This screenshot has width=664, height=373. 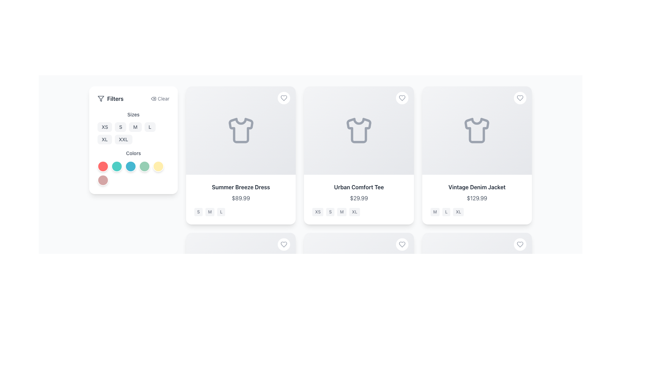 I want to click on the heart-shaped icon within the circular button, so click(x=284, y=98).